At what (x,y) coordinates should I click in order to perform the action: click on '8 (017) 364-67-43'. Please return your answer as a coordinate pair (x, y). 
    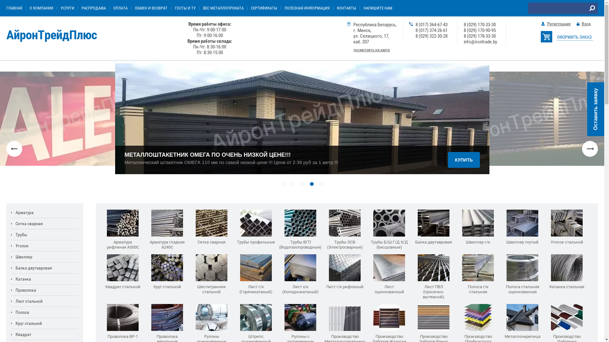
    Looking at the image, I should click on (431, 24).